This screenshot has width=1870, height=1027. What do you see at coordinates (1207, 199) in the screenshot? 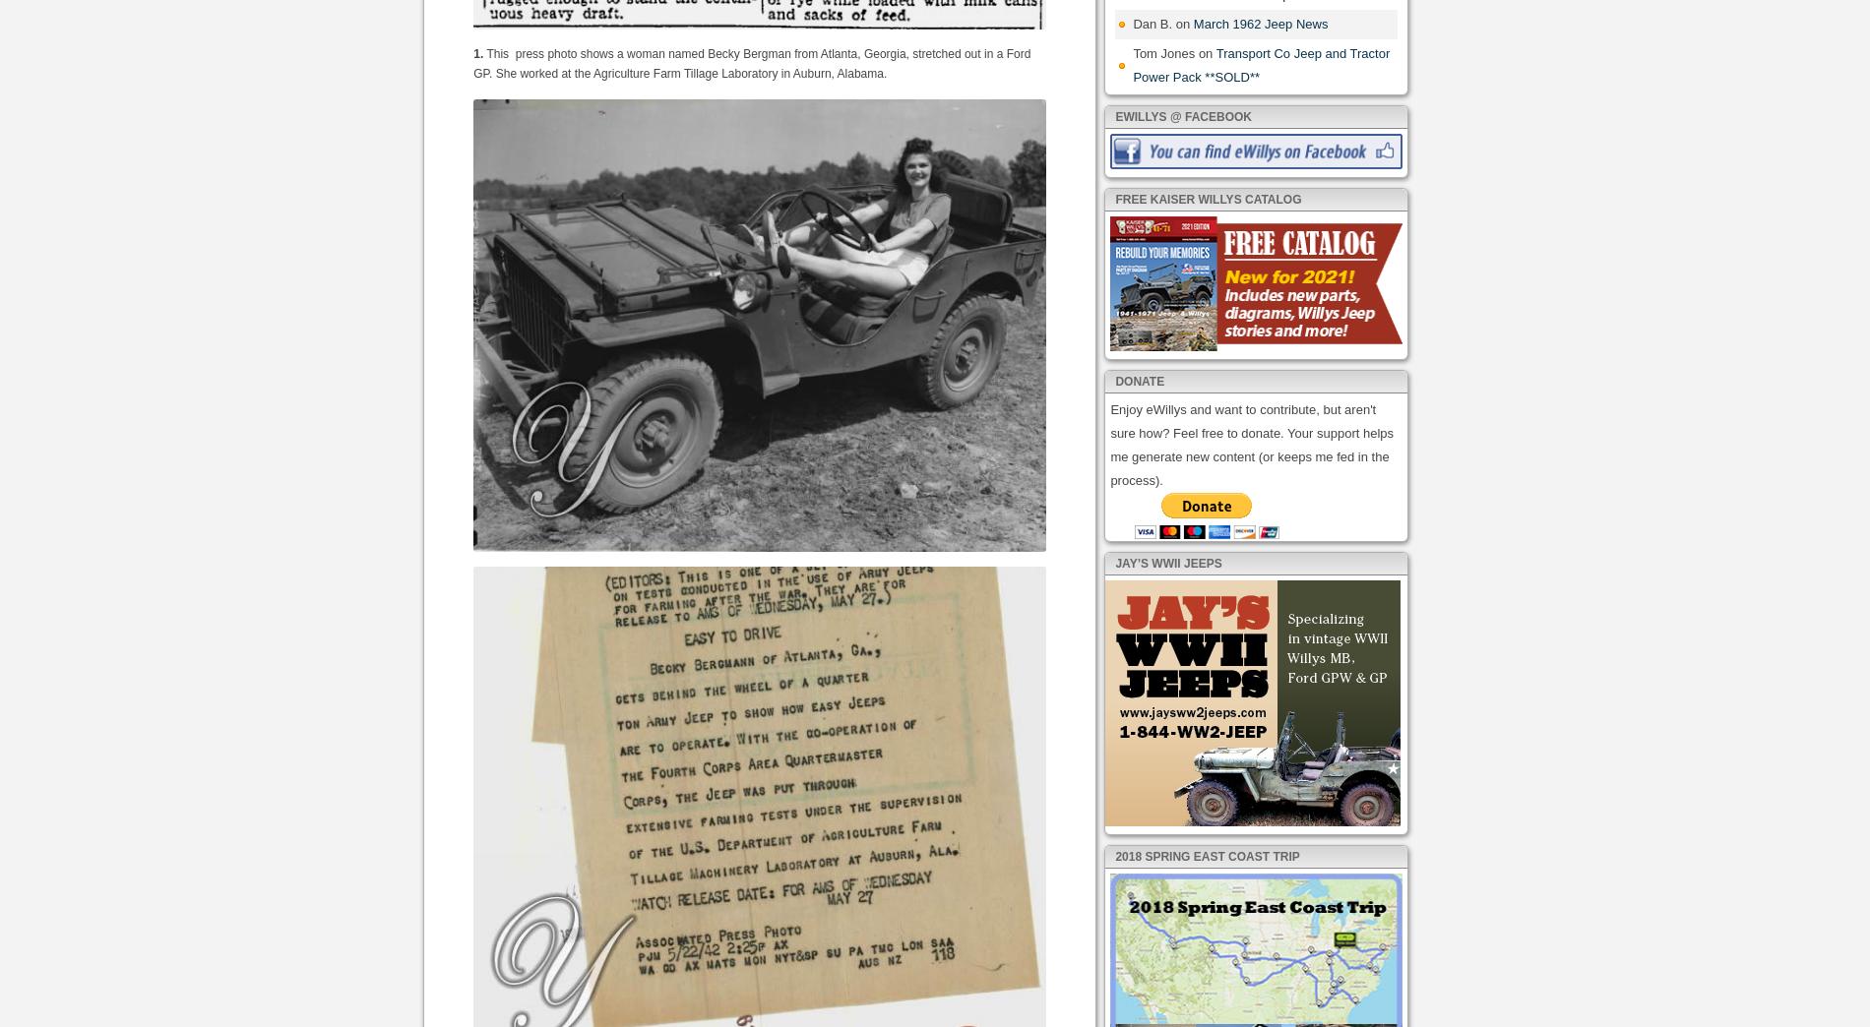
I see `'Free Kaiser Willys Catalog'` at bounding box center [1207, 199].